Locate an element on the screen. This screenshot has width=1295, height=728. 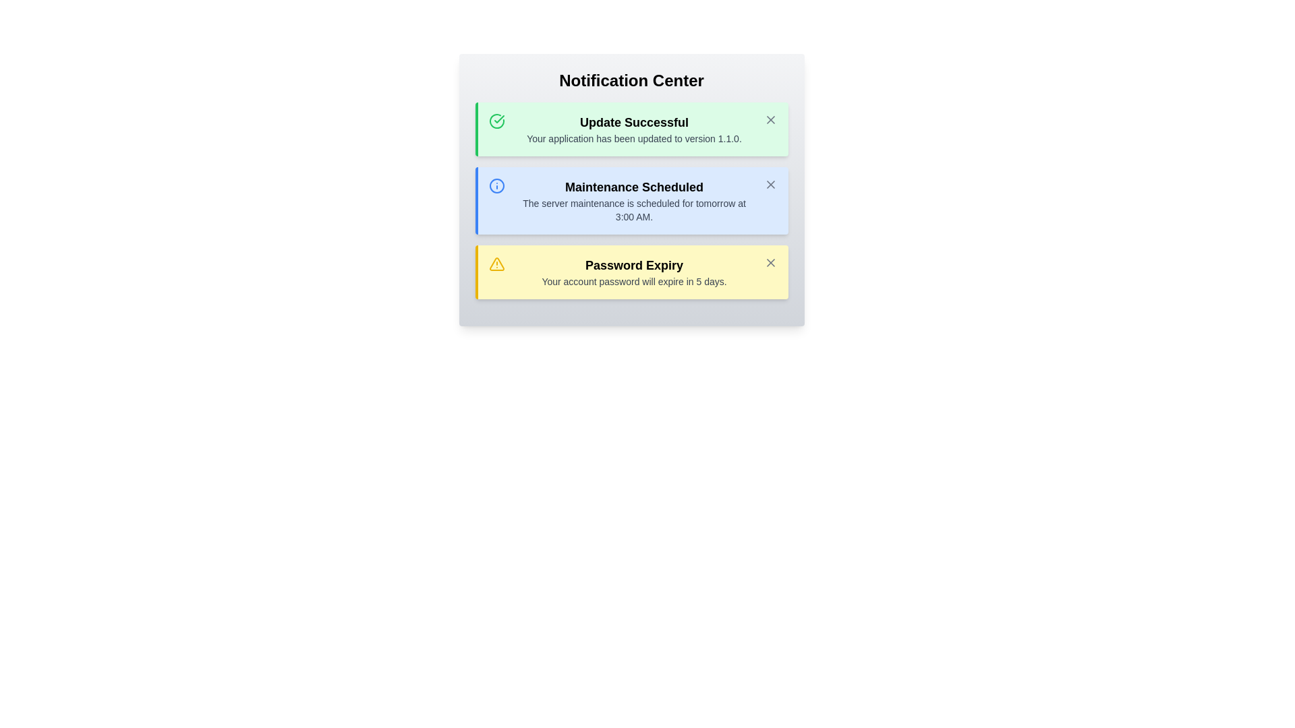
the 'Password Expiry' text label, which is a bold black font title at the top of the yellow notification card is located at coordinates (633, 265).